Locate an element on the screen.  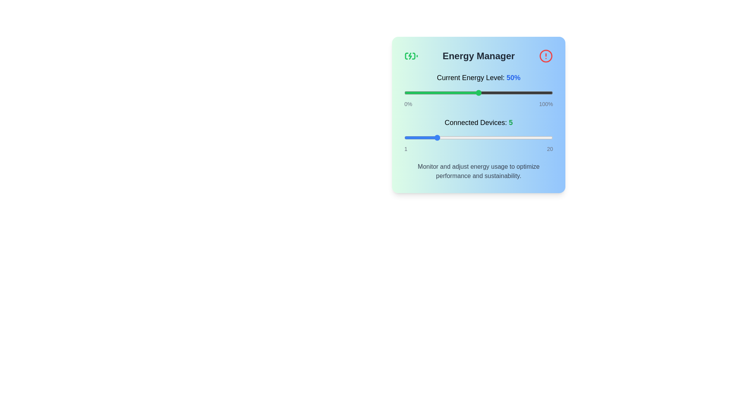
the energy level slider to 6% is located at coordinates (413, 92).